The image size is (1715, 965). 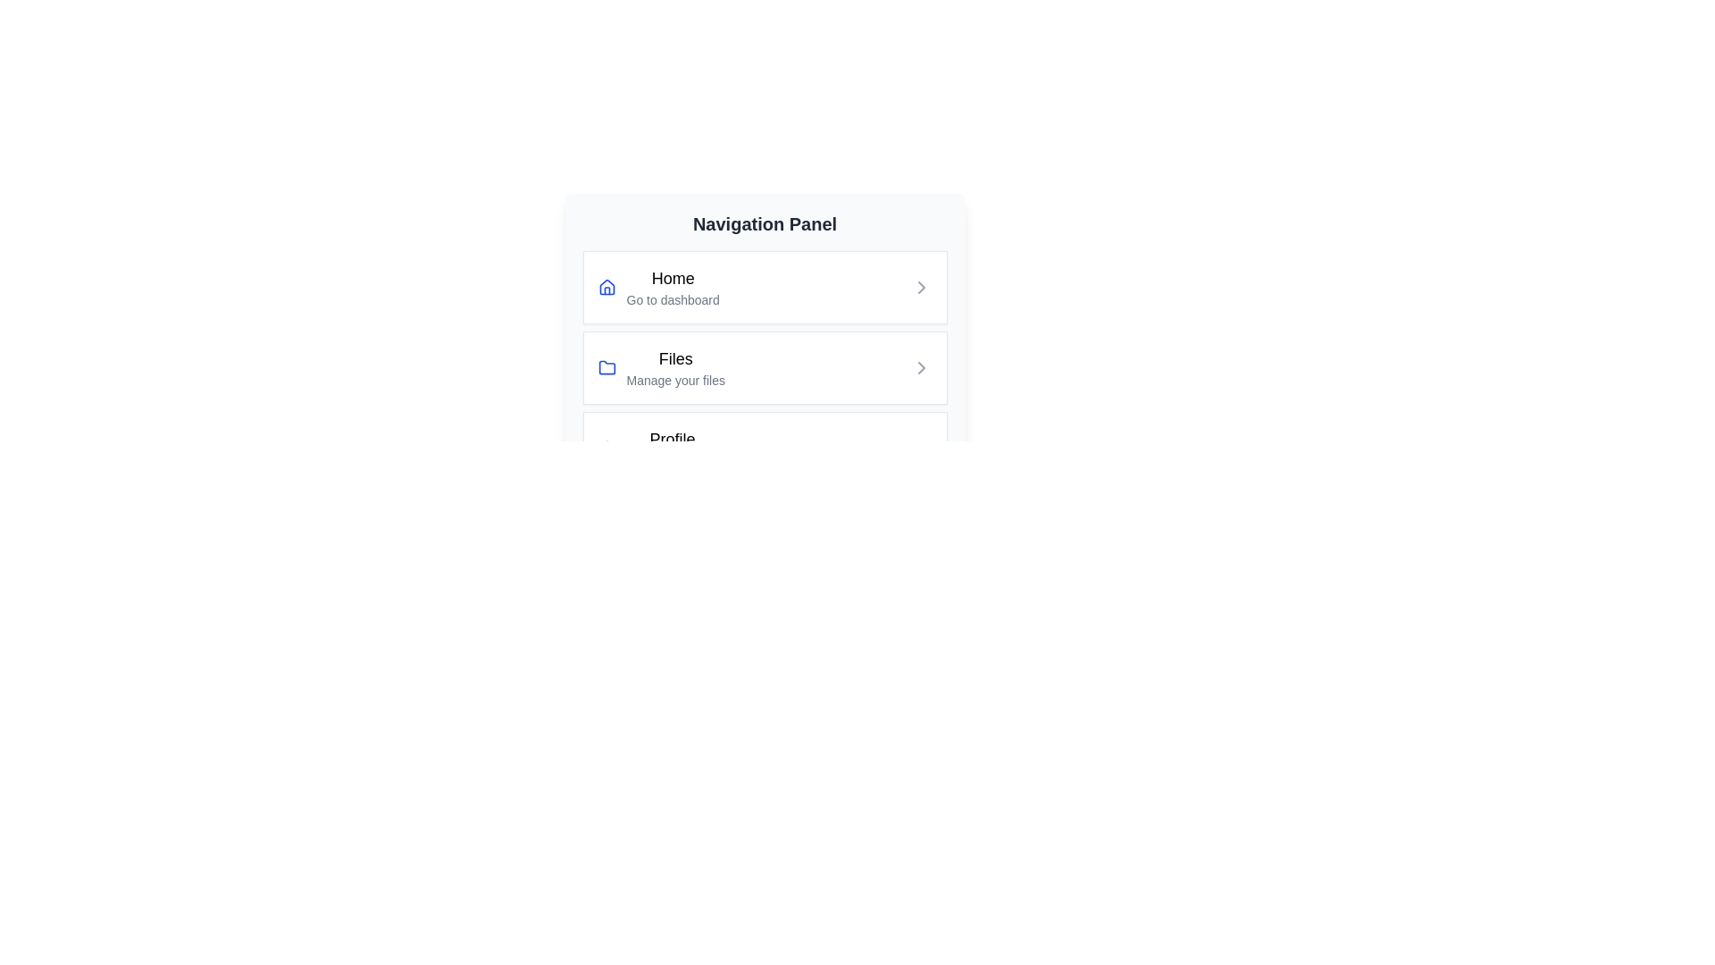 I want to click on the rightward-pointing chevron-shaped arrow icon located to the right of the 'Files' text in the second entry of the navigation panel, so click(x=921, y=367).